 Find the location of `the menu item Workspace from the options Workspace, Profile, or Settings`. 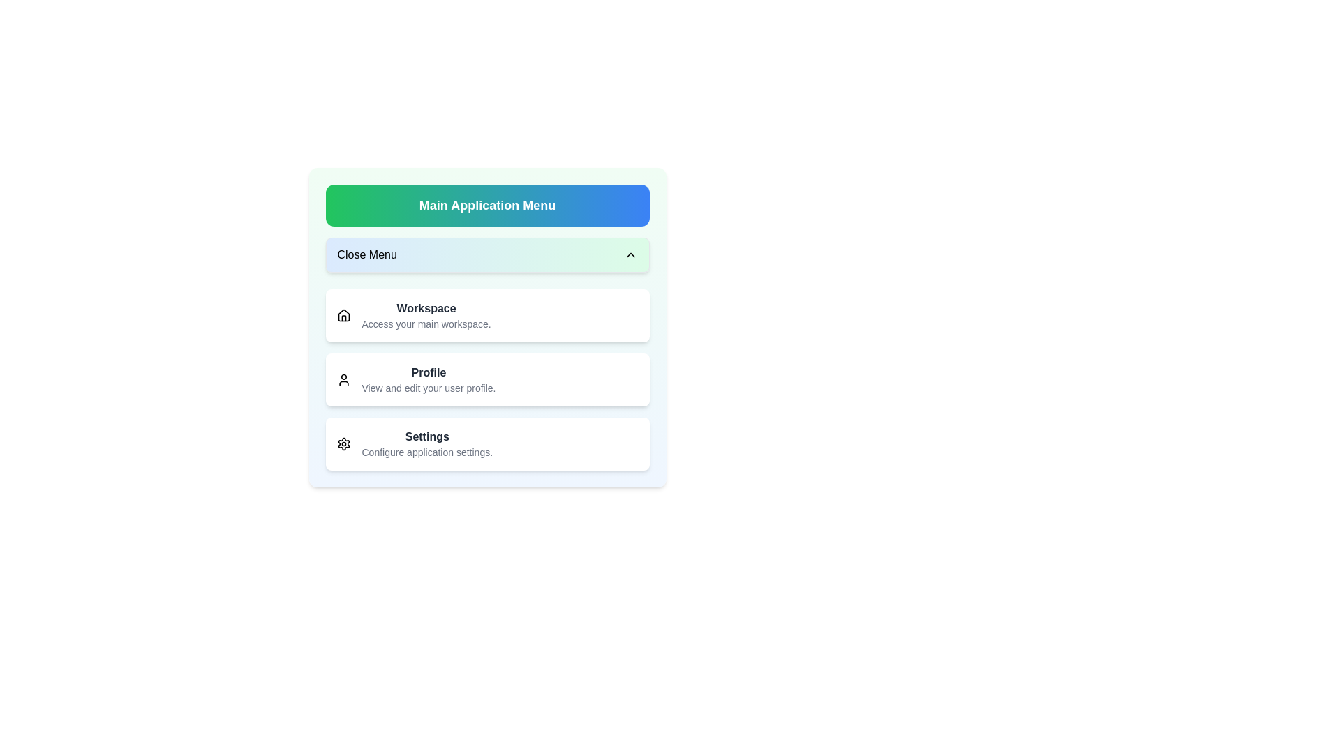

the menu item Workspace from the options Workspace, Profile, or Settings is located at coordinates (487, 315).